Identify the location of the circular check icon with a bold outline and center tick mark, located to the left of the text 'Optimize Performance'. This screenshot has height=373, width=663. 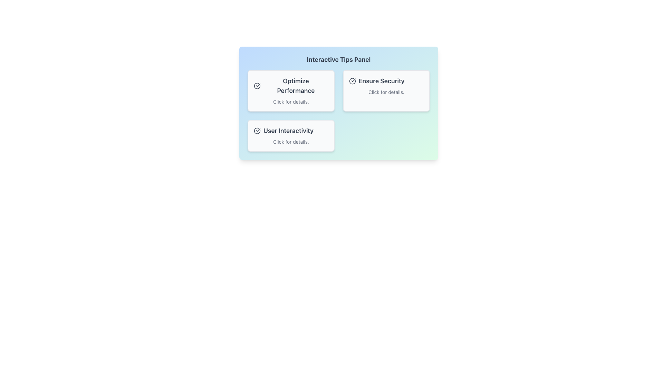
(257, 86).